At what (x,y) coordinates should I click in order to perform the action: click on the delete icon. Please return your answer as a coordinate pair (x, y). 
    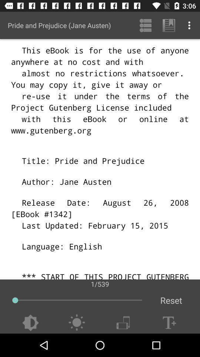
    Looking at the image, I should click on (123, 322).